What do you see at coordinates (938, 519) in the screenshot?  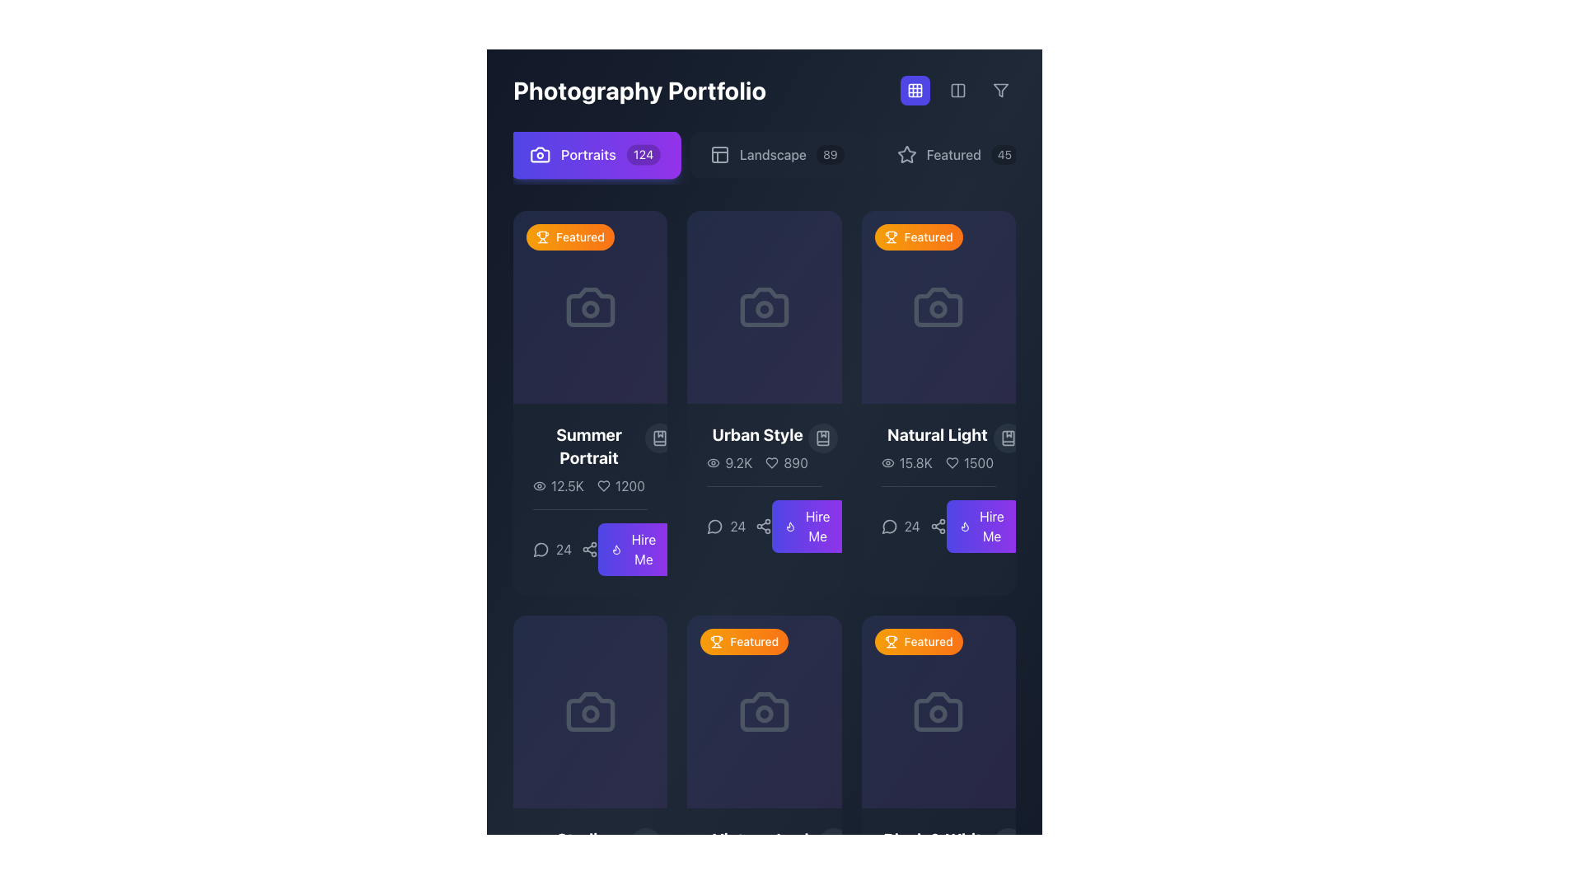 I see `the chain or link icon within the card labeled 'Natural Light'` at bounding box center [938, 519].